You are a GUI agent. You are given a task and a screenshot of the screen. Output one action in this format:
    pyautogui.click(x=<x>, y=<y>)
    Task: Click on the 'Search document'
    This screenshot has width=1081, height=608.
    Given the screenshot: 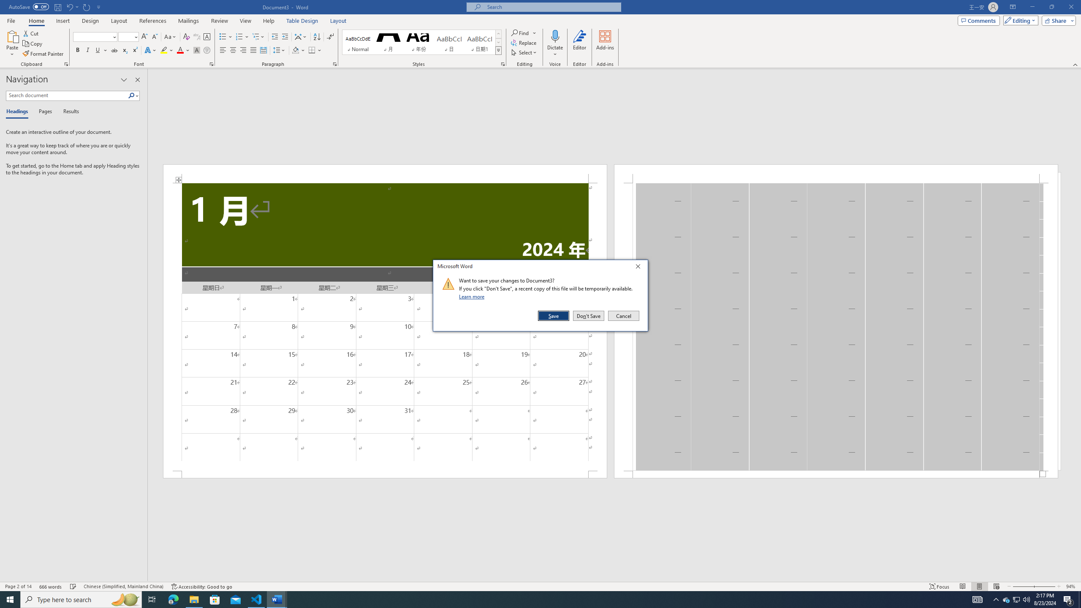 What is the action you would take?
    pyautogui.click(x=67, y=95)
    